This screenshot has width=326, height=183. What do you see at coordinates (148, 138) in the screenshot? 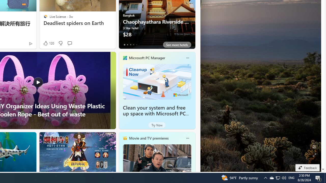
I see `'Movie and TV premieres'` at bounding box center [148, 138].